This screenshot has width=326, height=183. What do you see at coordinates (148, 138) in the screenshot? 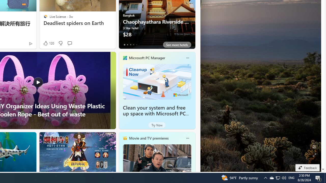
I see `'Movie and TV premieres'` at bounding box center [148, 138].